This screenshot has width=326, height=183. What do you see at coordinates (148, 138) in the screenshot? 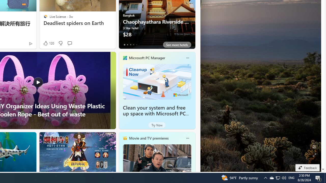
I see `'Movie and TV premieres'` at bounding box center [148, 138].